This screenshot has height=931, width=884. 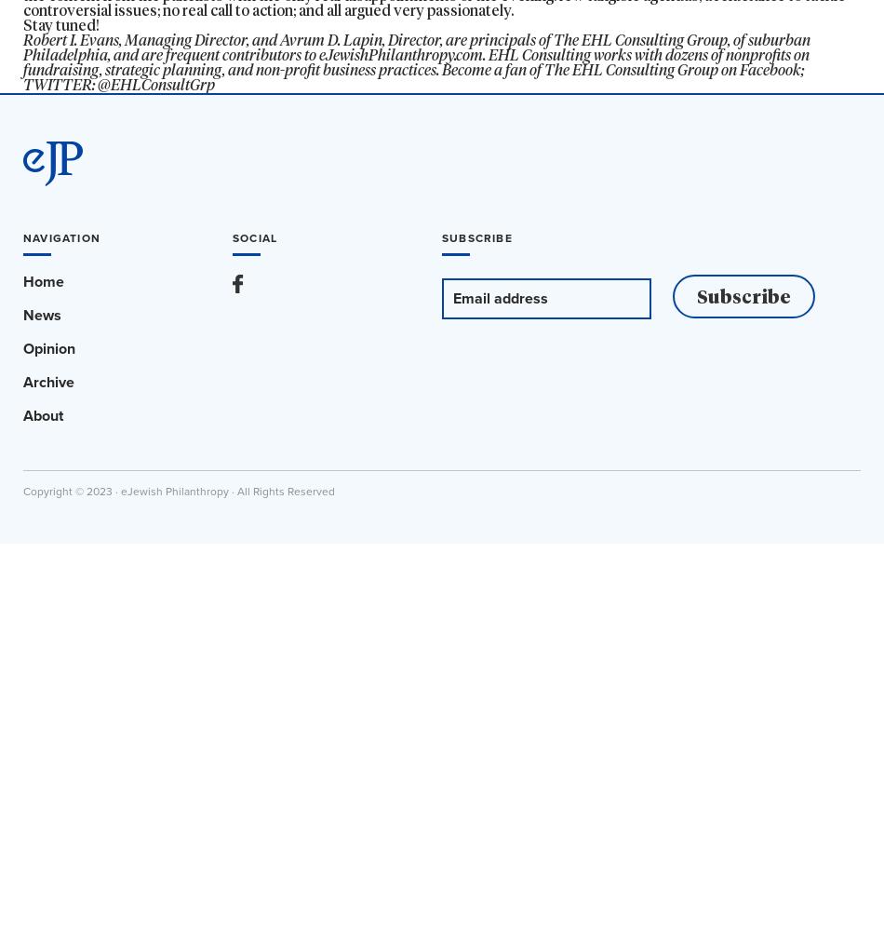 I want to click on 'Copyright © 2023 · eJewish Philanthropy · All Rights Reserved', so click(x=179, y=491).